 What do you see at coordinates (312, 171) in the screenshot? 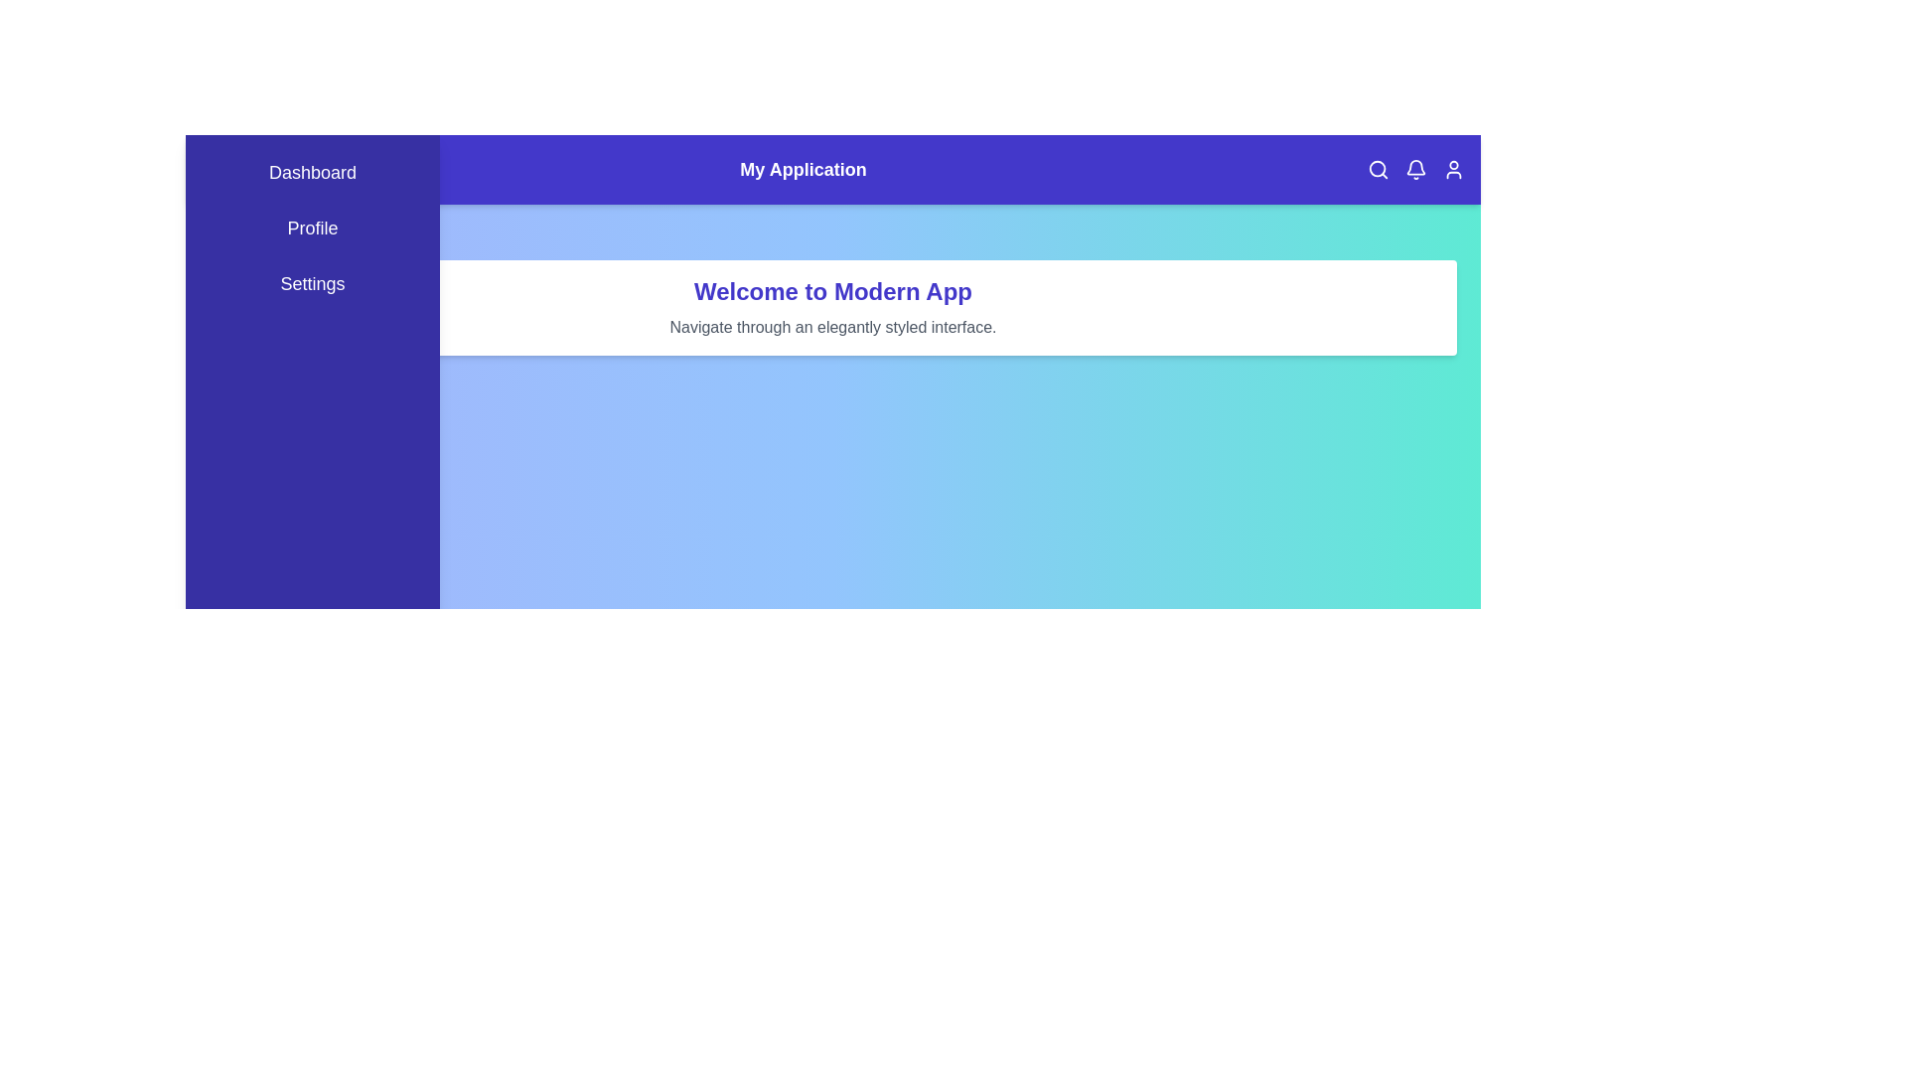
I see `the menu item to navigate to Dashboard` at bounding box center [312, 171].